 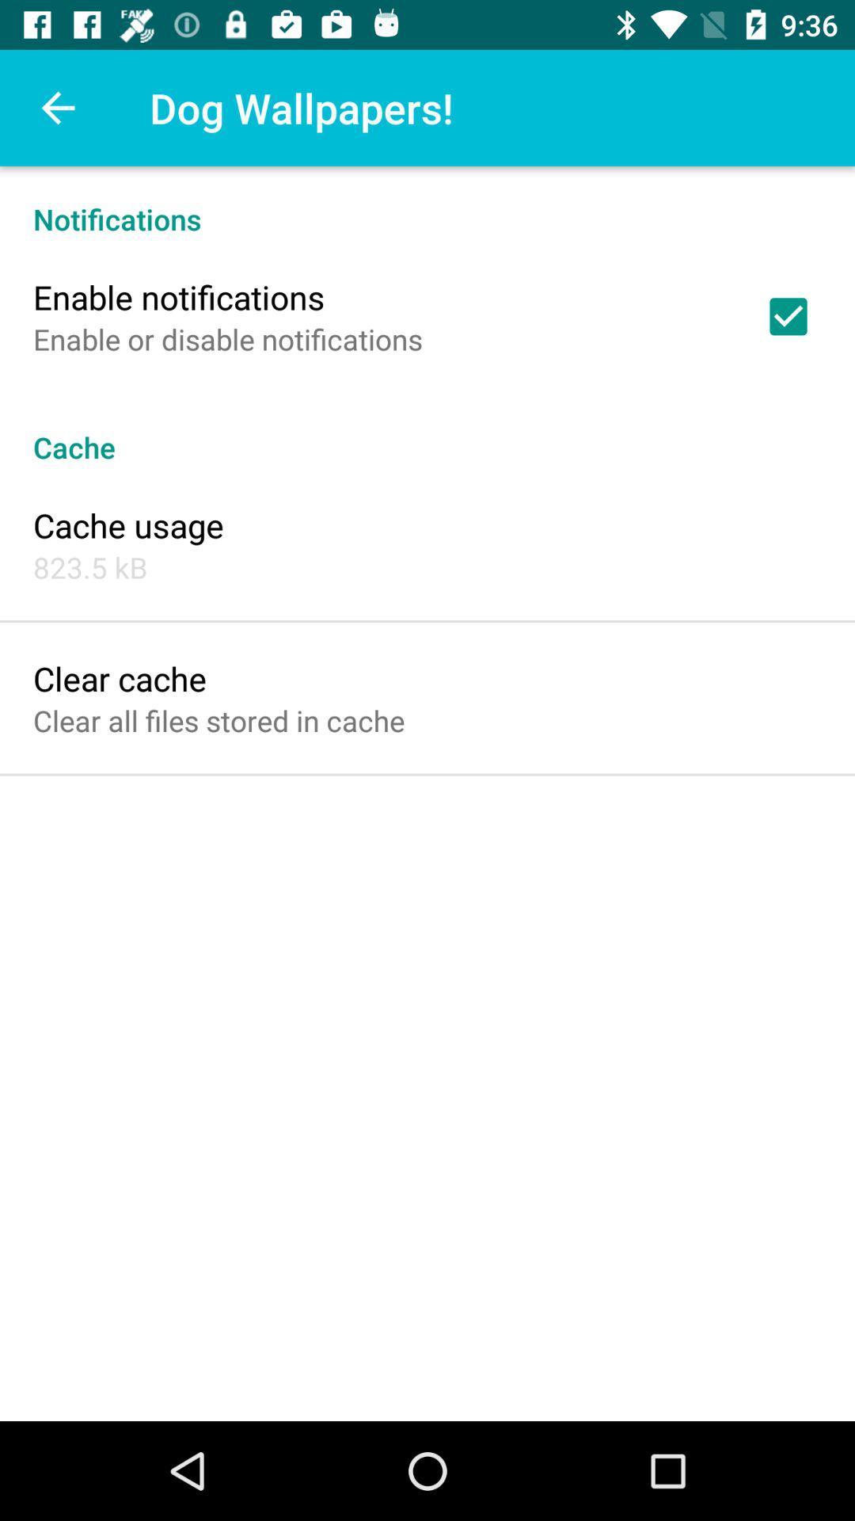 What do you see at coordinates (90, 567) in the screenshot?
I see `item below the cache usage icon` at bounding box center [90, 567].